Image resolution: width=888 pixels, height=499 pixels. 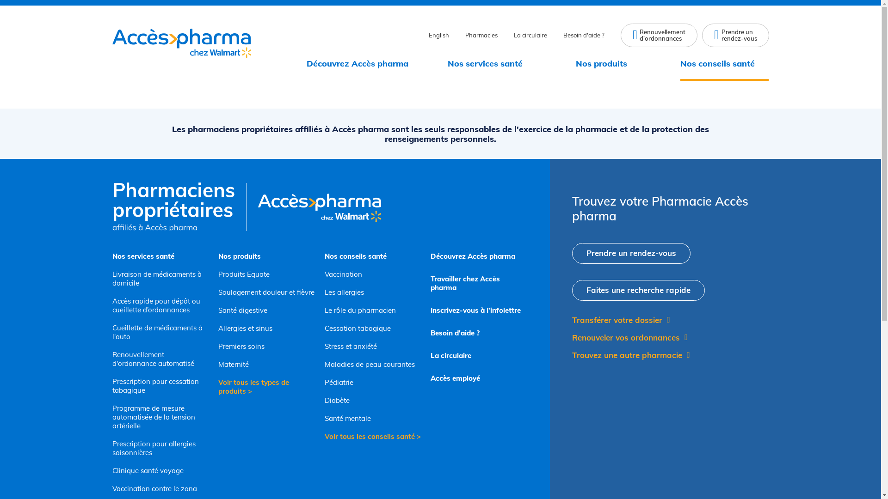 What do you see at coordinates (266, 387) in the screenshot?
I see `'Voir tous les types de produits >'` at bounding box center [266, 387].